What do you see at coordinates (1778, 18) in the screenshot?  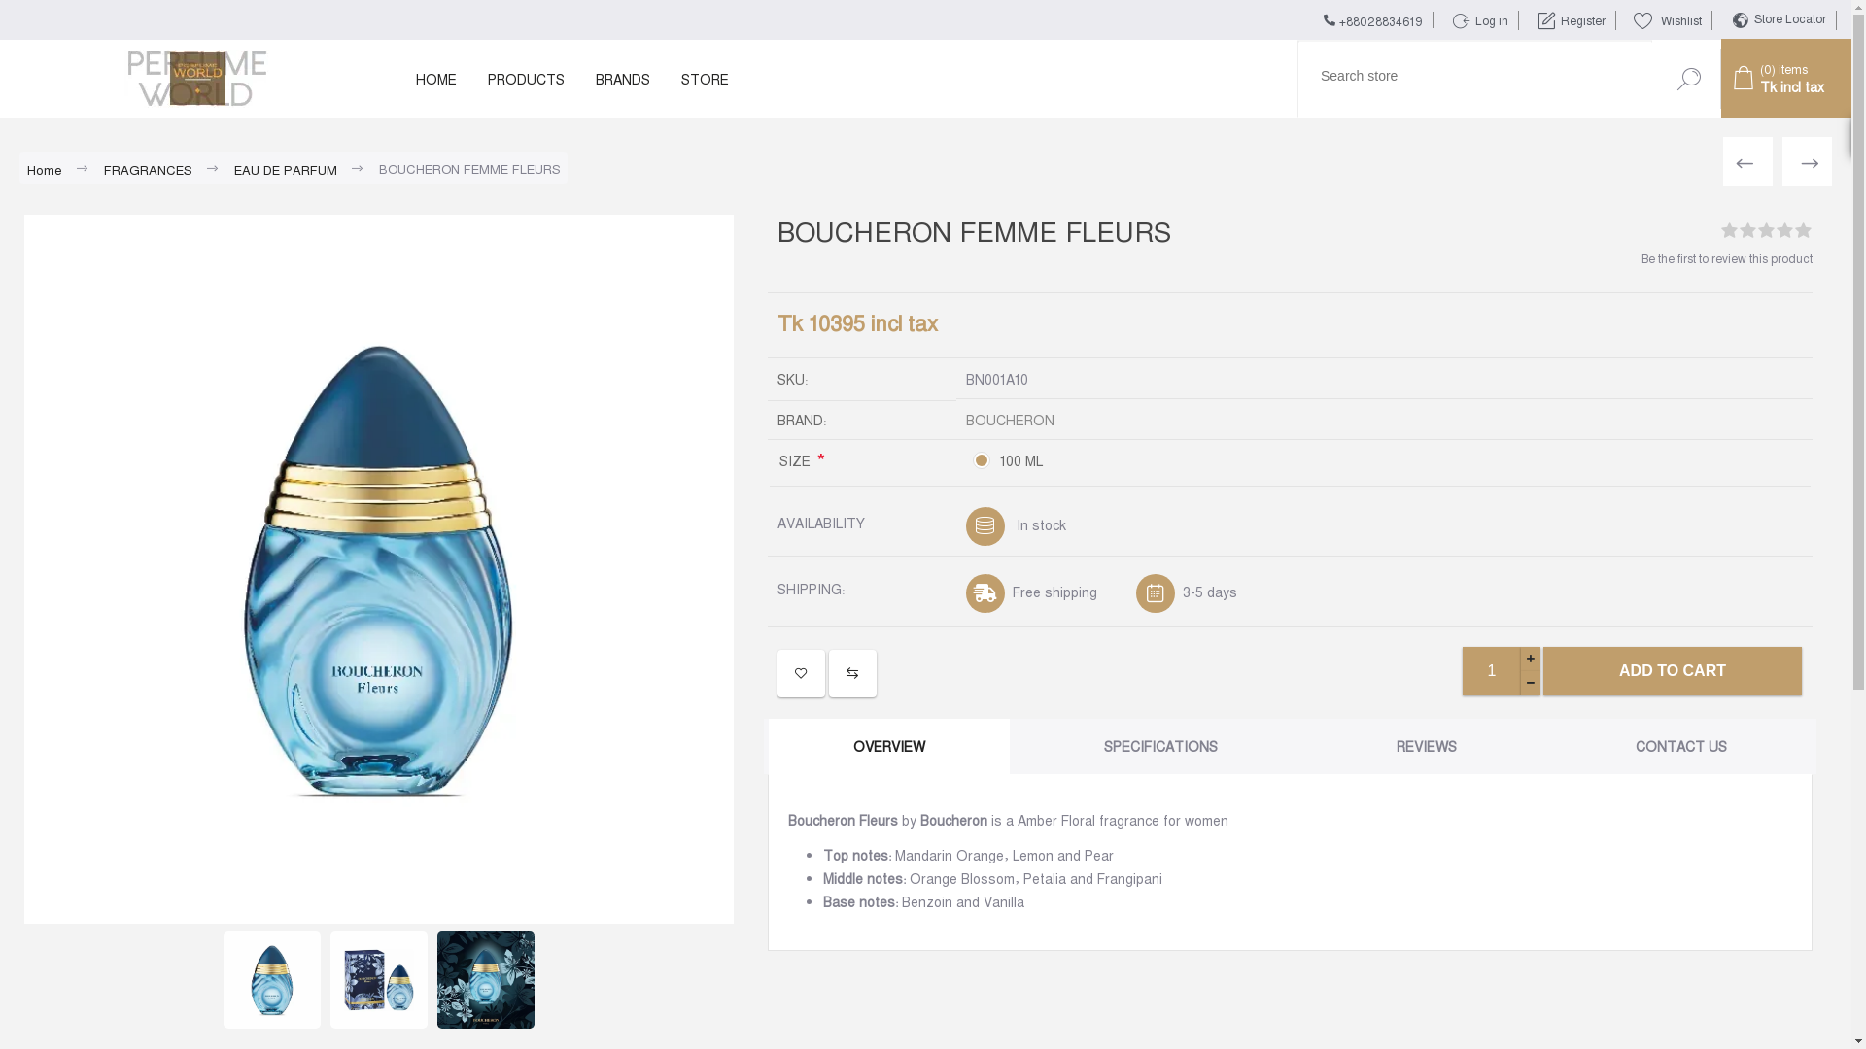 I see `'Store Locator'` at bounding box center [1778, 18].